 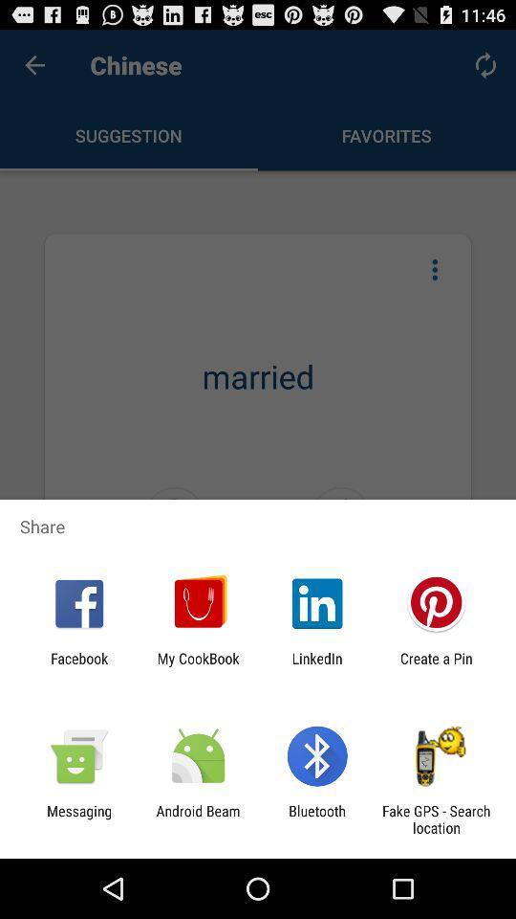 What do you see at coordinates (436, 666) in the screenshot?
I see `the icon to the right of linkedin app` at bounding box center [436, 666].